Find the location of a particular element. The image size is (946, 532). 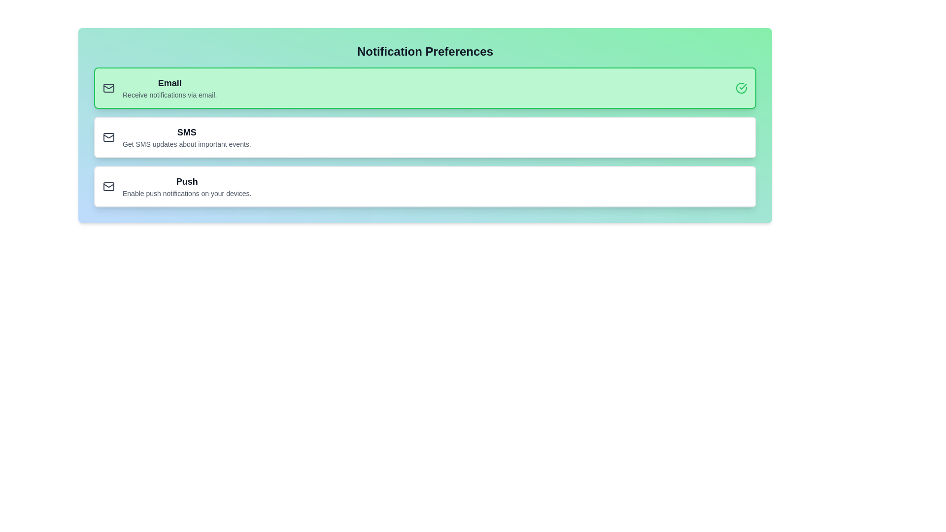

the label element displaying the title 'Push' and the subtitle 'Enable push notifications on your devices.' which is positioned within a white rectangular card as the third option in the notification preferences list is located at coordinates (187, 186).